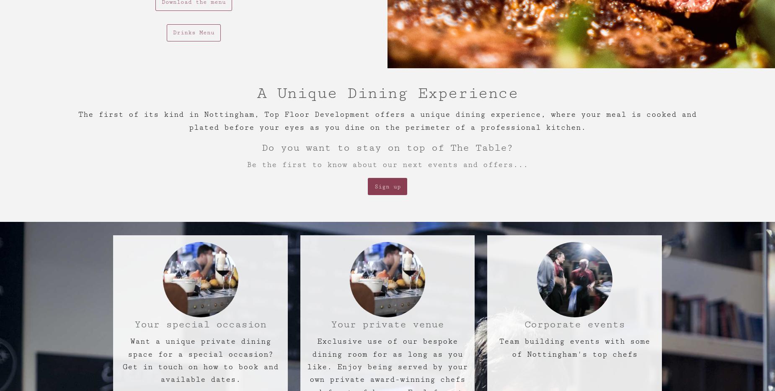 The width and height of the screenshot is (775, 391). I want to click on 'Want a unique private dining space for a special occasion? Get in touch on how to book and available dates.', so click(200, 360).